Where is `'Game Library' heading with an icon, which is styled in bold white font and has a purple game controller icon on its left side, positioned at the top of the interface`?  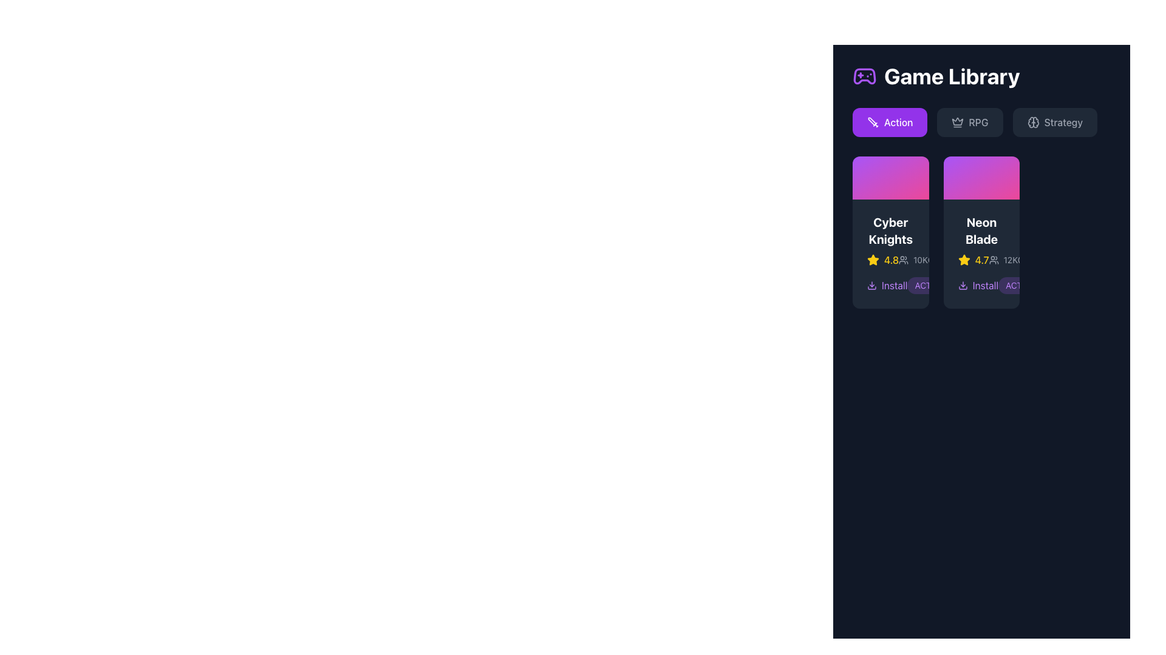 'Game Library' heading with an icon, which is styled in bold white font and has a purple game controller icon on its left side, positioned at the top of the interface is located at coordinates (981, 76).